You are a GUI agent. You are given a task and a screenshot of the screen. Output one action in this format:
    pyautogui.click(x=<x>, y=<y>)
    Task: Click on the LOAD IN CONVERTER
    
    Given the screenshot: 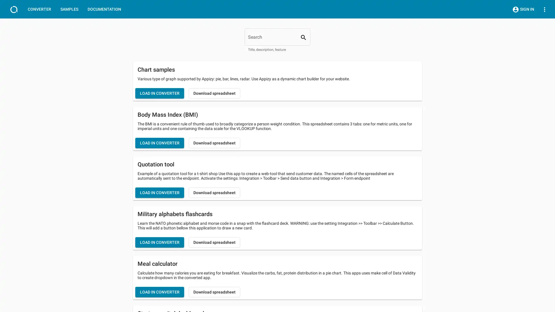 What is the action you would take?
    pyautogui.click(x=160, y=242)
    